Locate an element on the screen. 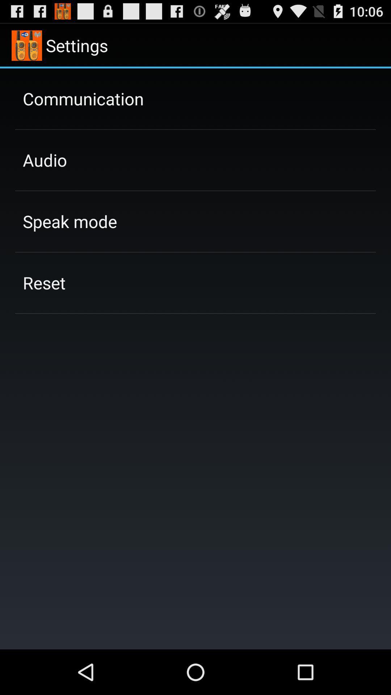 The image size is (391, 695). communication icon is located at coordinates (83, 98).